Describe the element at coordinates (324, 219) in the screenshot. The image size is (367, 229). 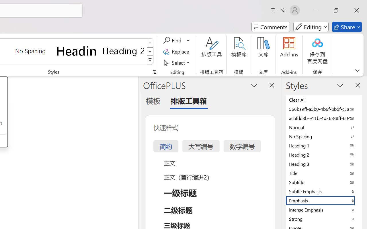
I see `'Strong'` at that location.